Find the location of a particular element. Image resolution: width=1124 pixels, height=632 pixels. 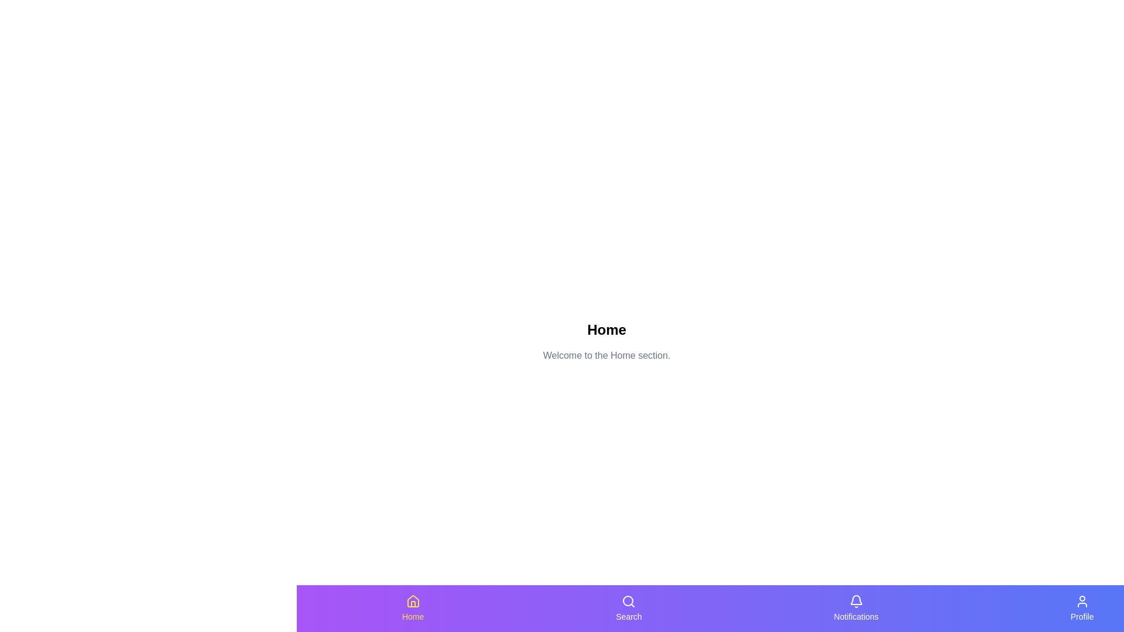

the 'Profile' button, which features a user silhouette icon and a text label on a purple-blue gradient background, located in the bottom navigation bar is located at coordinates (1081, 608).